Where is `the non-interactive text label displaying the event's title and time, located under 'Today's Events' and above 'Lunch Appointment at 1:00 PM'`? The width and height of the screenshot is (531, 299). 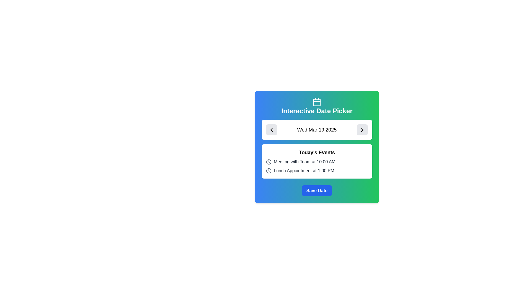
the non-interactive text label displaying the event's title and time, located under 'Today's Events' and above 'Lunch Appointment at 1:00 PM' is located at coordinates (304, 162).